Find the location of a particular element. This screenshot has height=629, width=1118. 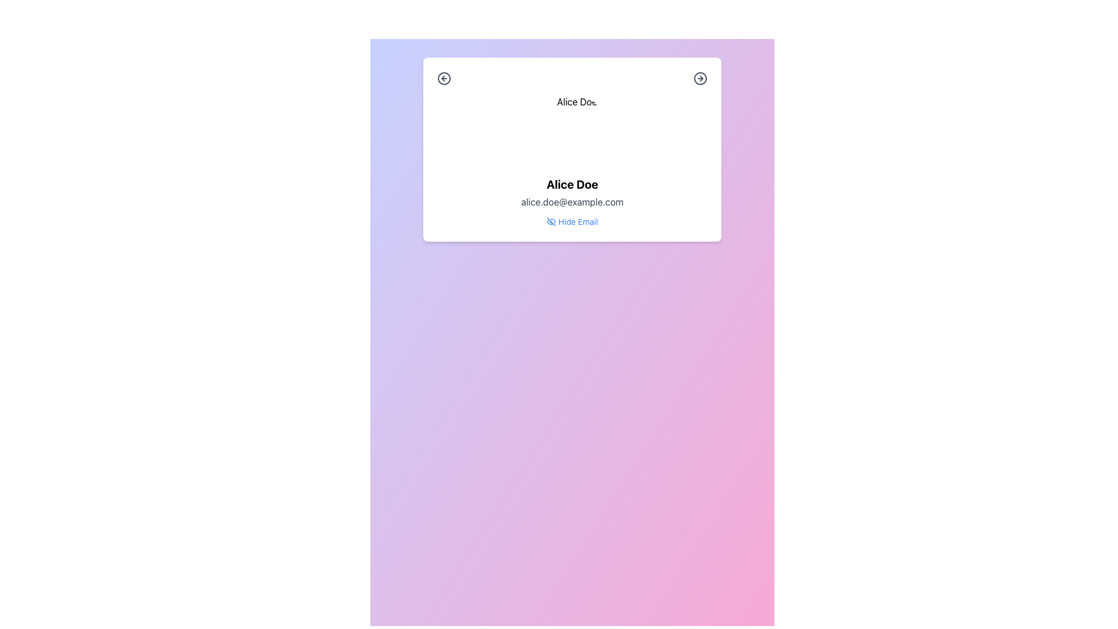

the profile picture in the Profile Card that displays user information including a name and email address is located at coordinates (572, 161).